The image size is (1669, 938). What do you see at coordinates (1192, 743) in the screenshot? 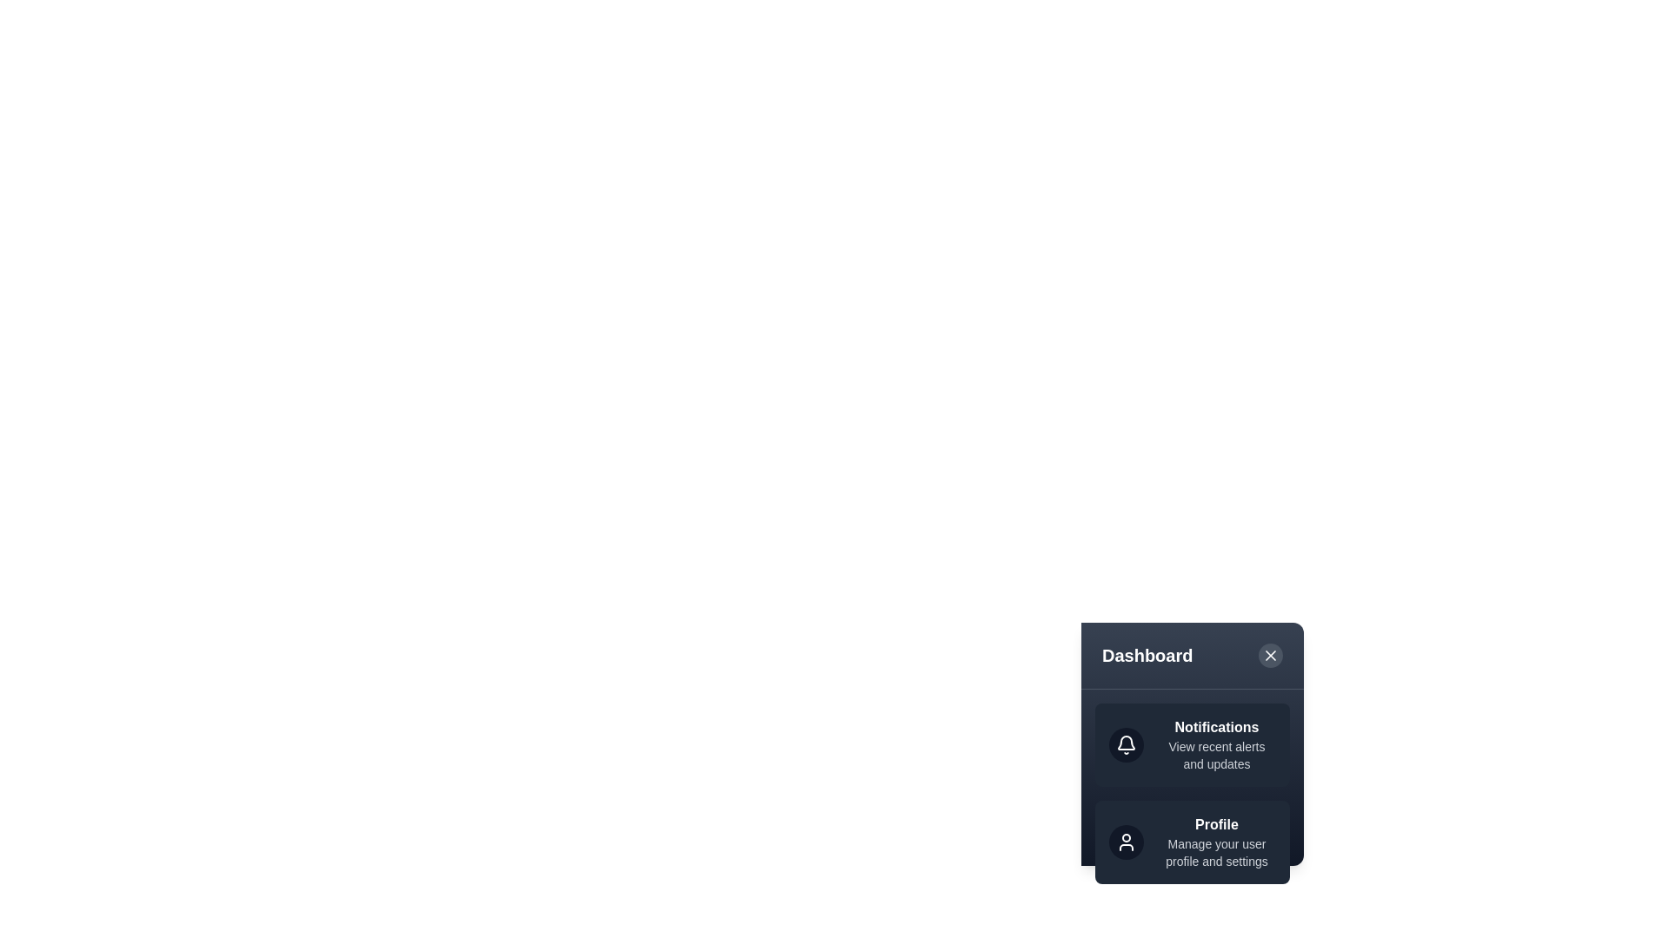
I see `the menu item Notifications to display its details` at bounding box center [1192, 743].